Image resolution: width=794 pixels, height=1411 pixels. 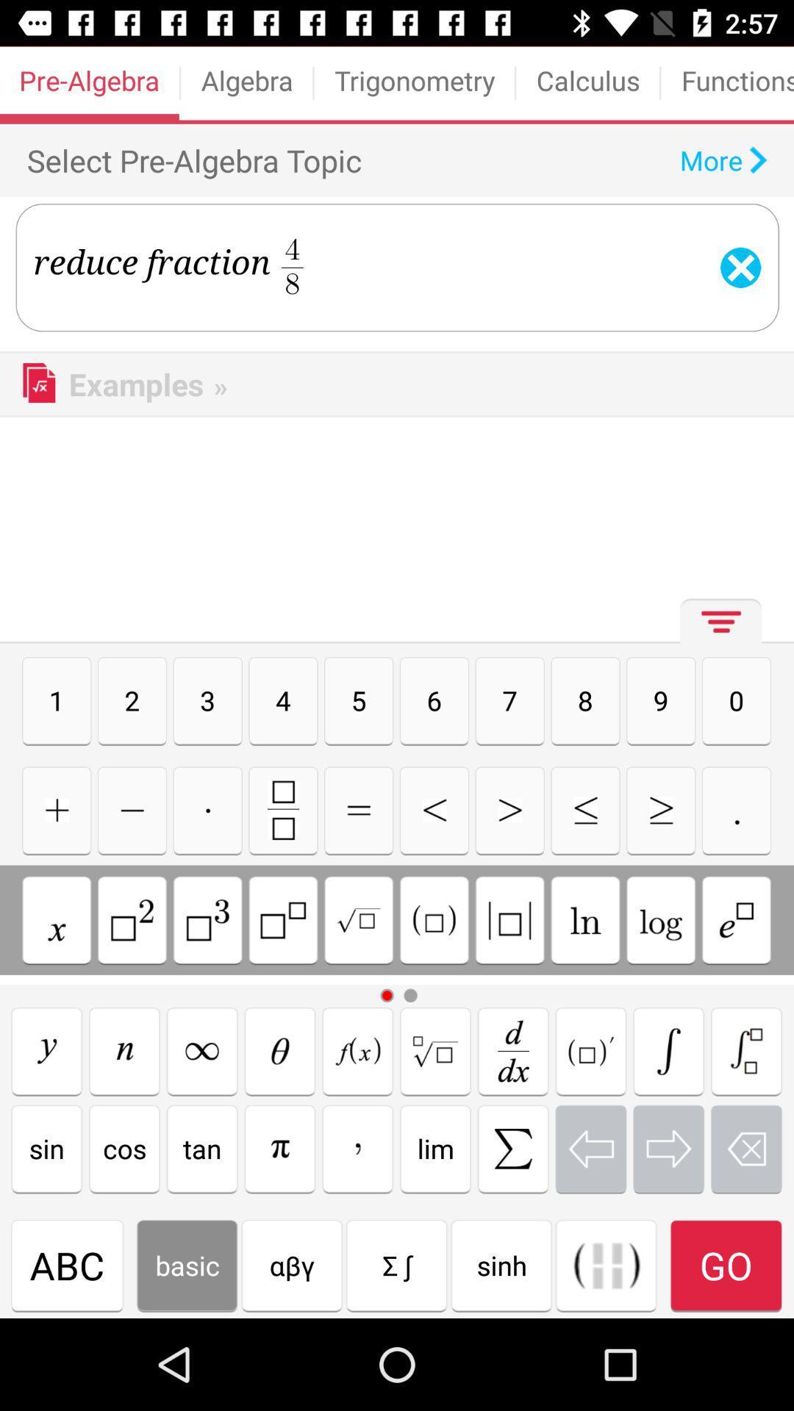 I want to click on reduce fraction button, so click(x=746, y=1050).